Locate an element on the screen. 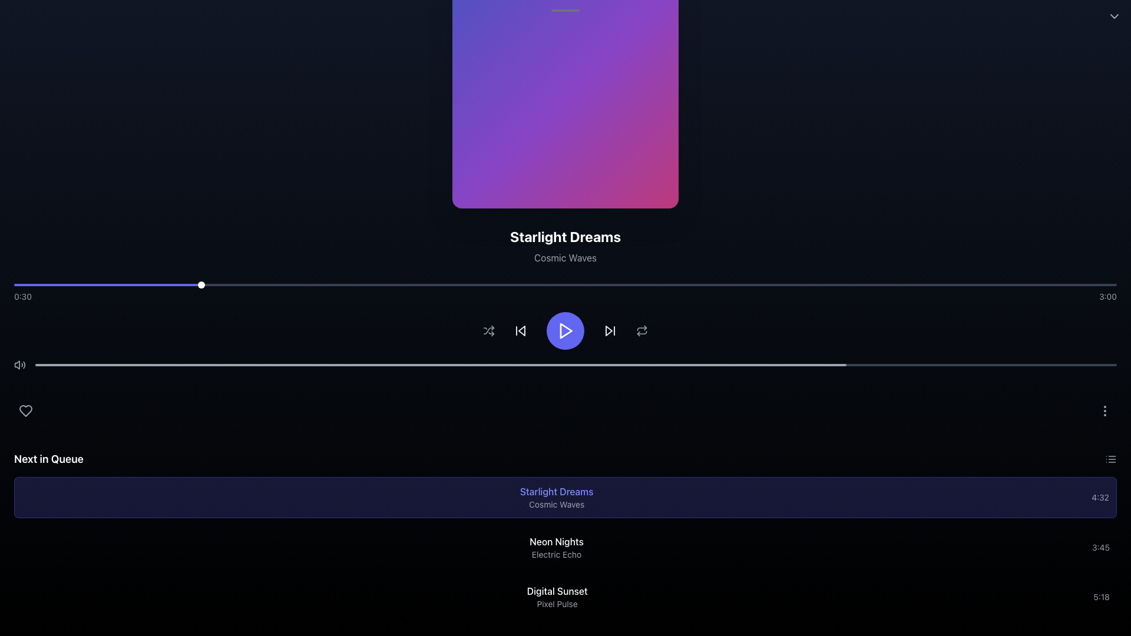 This screenshot has height=636, width=1131. the Text label that provides supplementary information about a media item in the 'Next in Queue' section, located directly below the larger text 'Neon Nights' is located at coordinates (556, 554).